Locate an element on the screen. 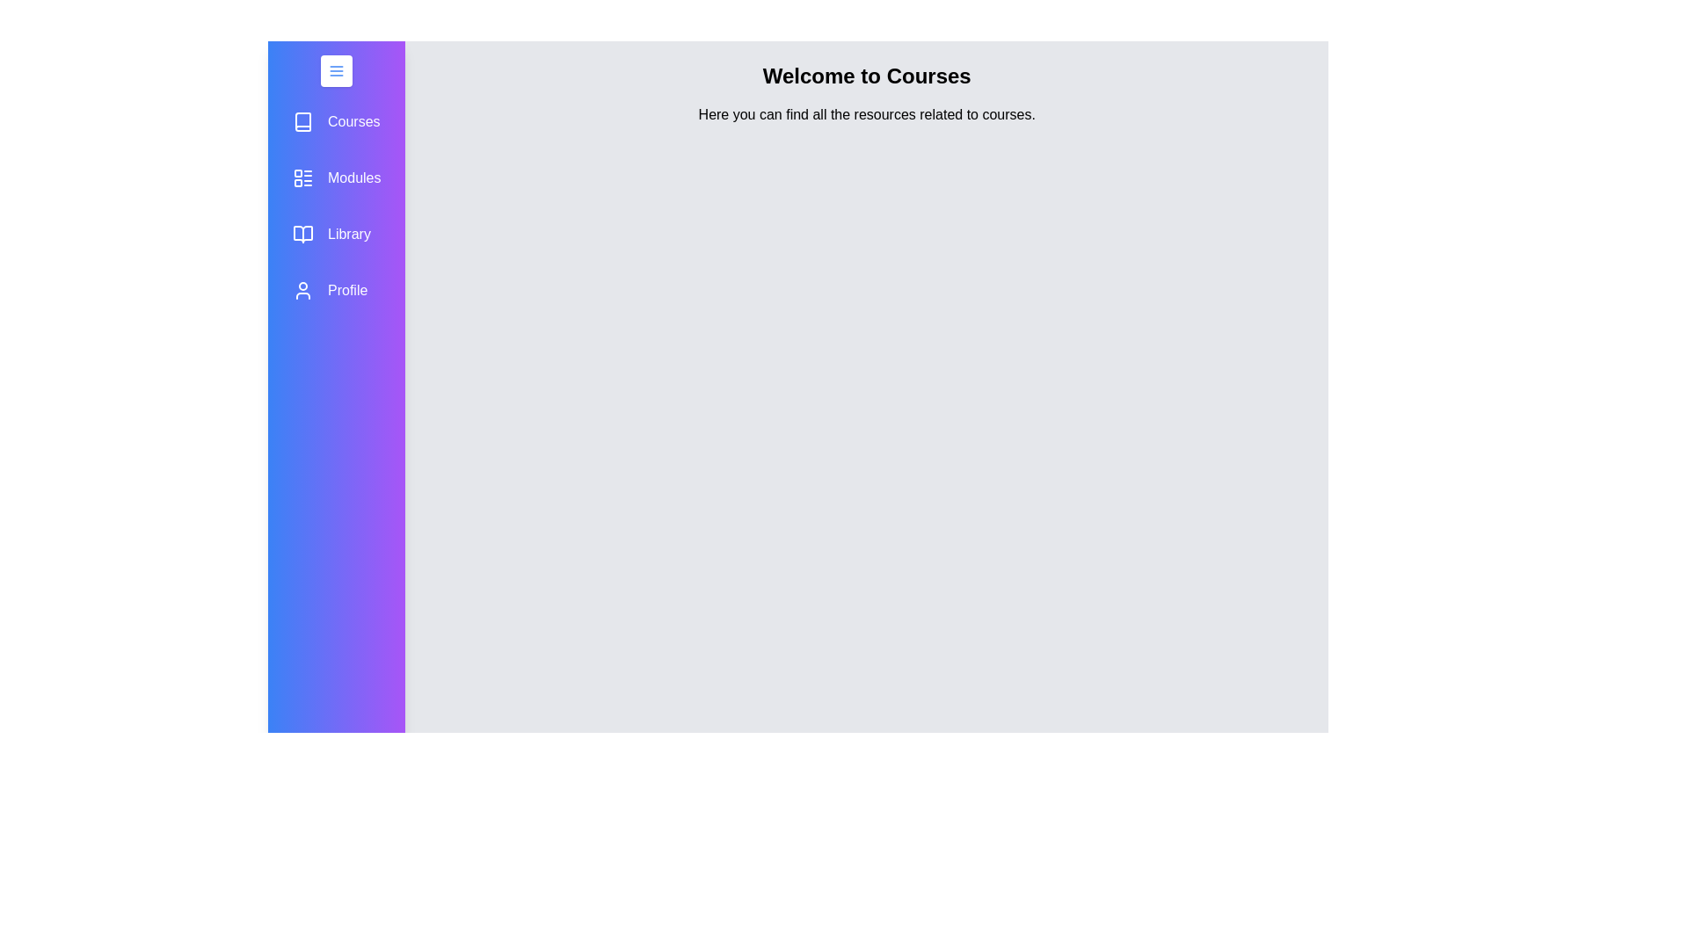 Image resolution: width=1688 pixels, height=949 pixels. the Profile tab from the available options is located at coordinates (337, 290).